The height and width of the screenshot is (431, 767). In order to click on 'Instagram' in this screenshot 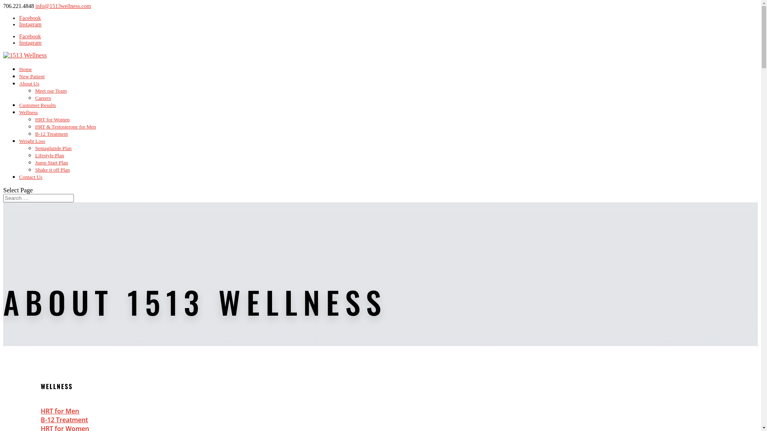, I will do `click(30, 24)`.